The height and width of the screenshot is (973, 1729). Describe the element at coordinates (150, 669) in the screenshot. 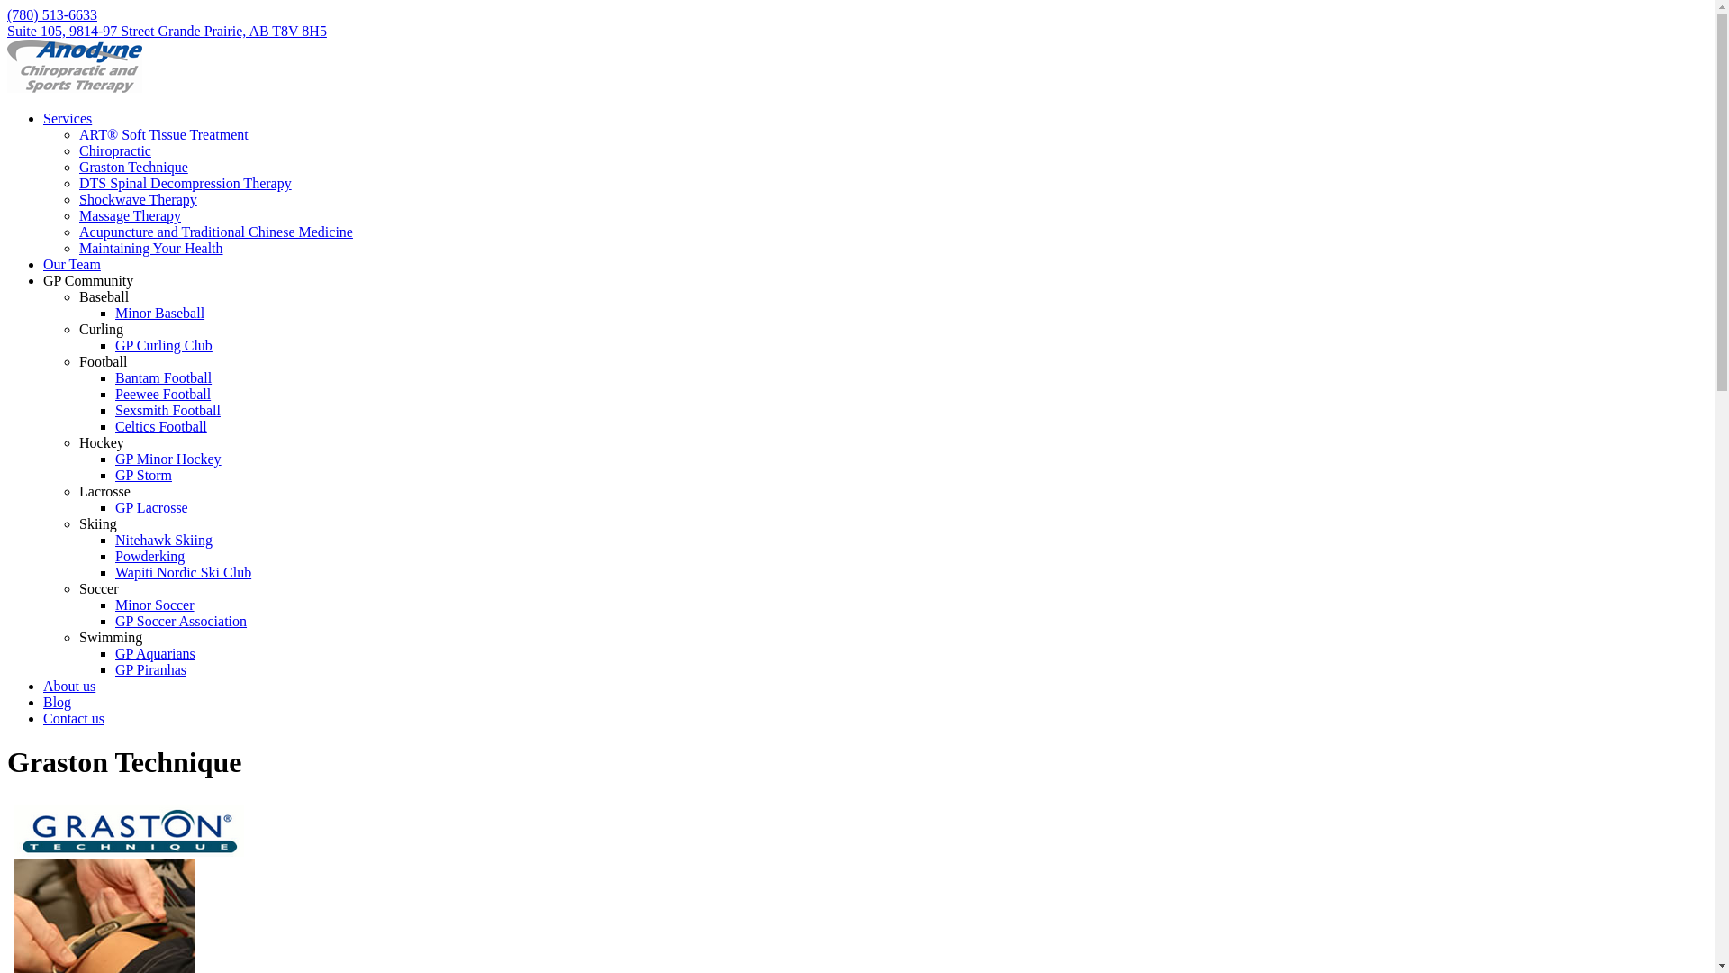

I see `'GP Piranhas'` at that location.